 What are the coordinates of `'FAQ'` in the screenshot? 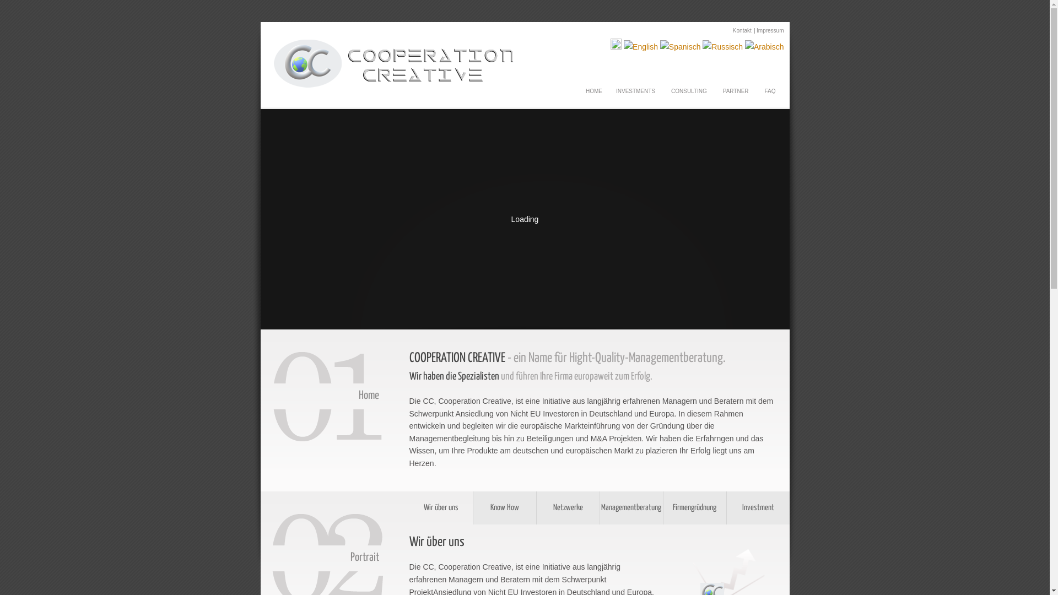 It's located at (769, 87).